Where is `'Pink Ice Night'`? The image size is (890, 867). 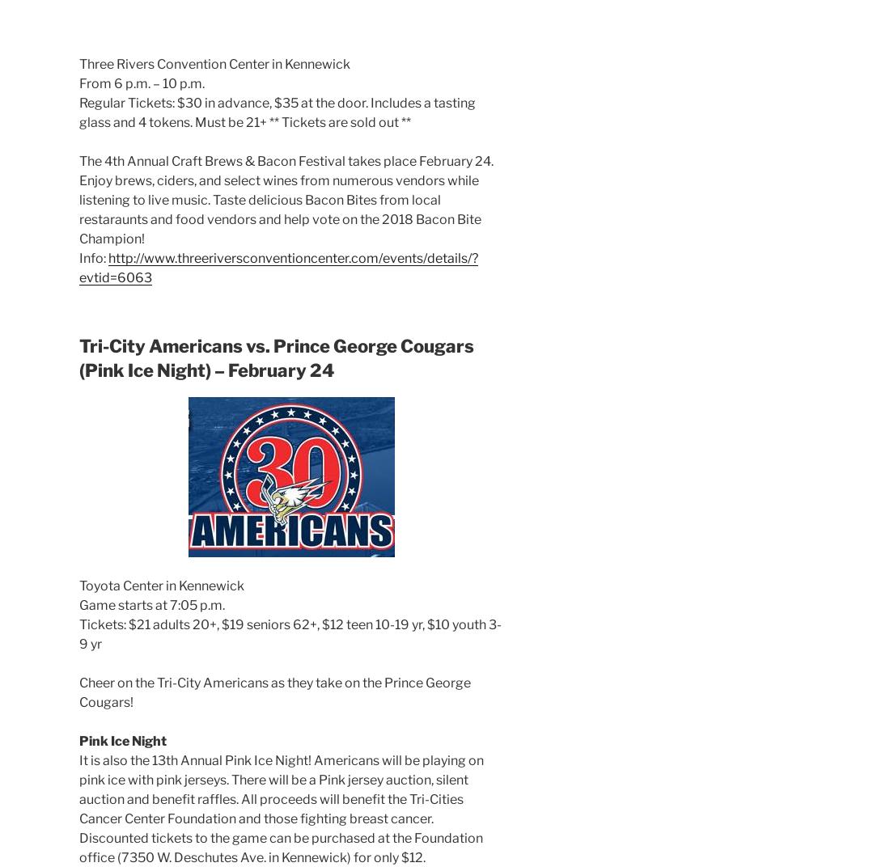 'Pink Ice Night' is located at coordinates (122, 740).